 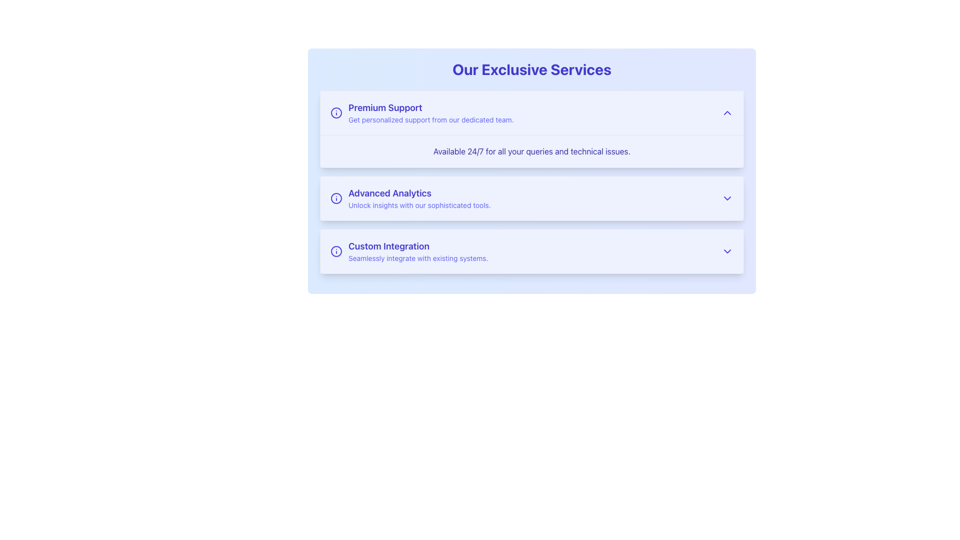 What do you see at coordinates (419, 193) in the screenshot?
I see `the heading text element located under 'Our Exclusive Services', which provides a summary of the feature or service offered` at bounding box center [419, 193].